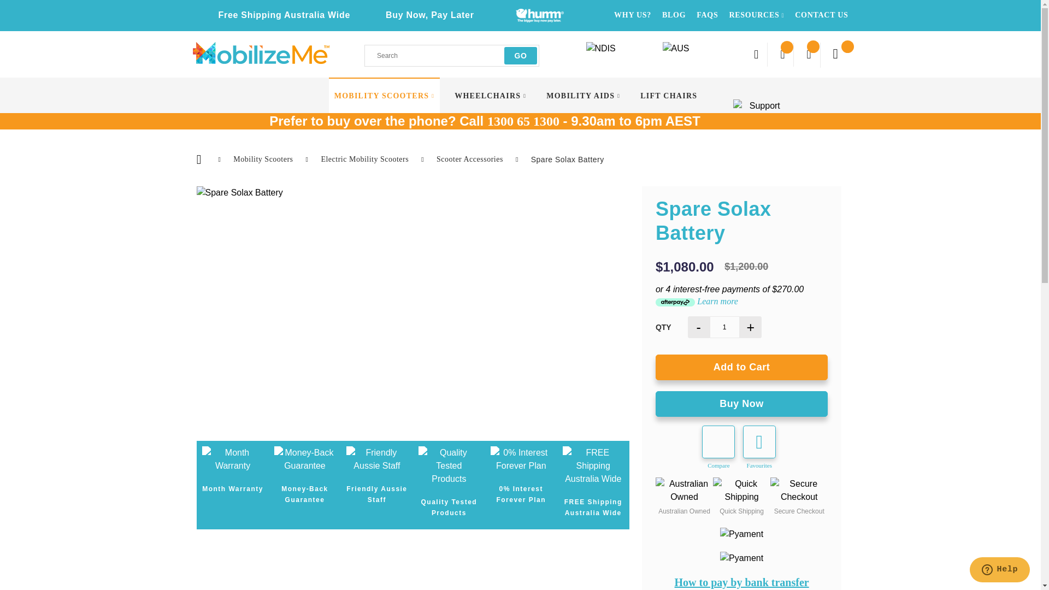 The image size is (1049, 590). I want to click on 'Payment', so click(720, 534).